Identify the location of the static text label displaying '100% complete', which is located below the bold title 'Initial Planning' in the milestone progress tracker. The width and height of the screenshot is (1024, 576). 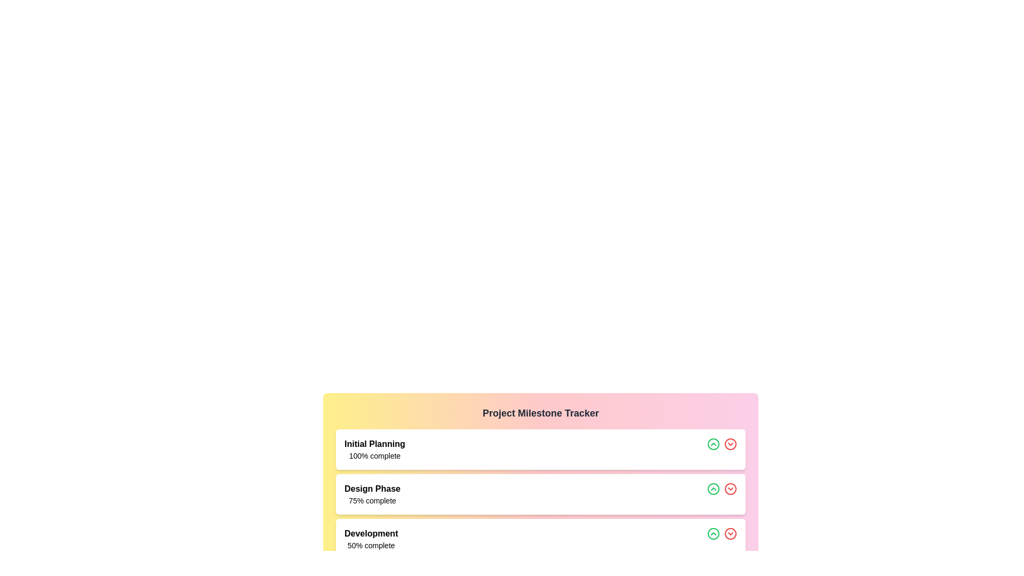
(374, 456).